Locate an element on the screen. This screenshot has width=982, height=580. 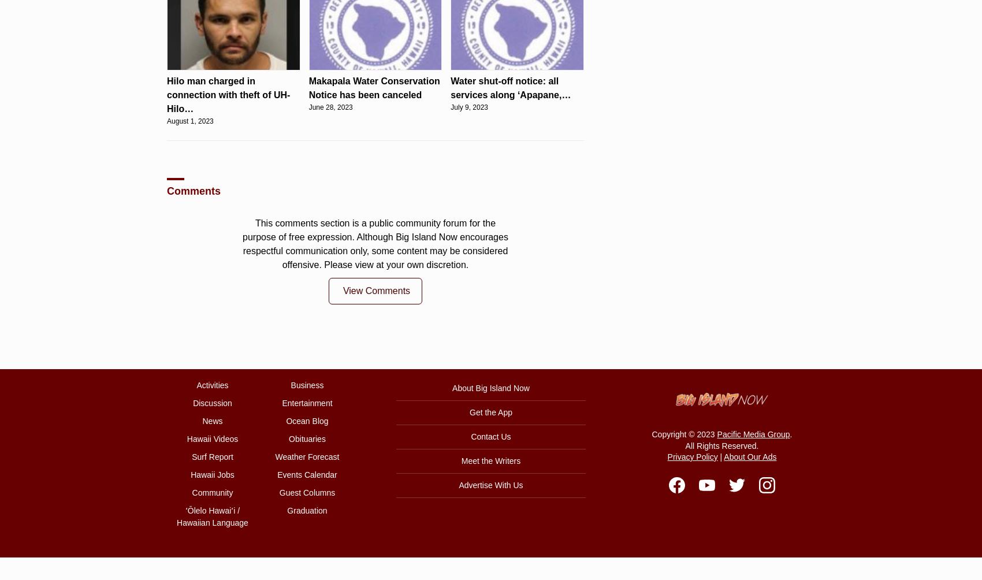
'Sales Consultant' is located at coordinates (529, 163).